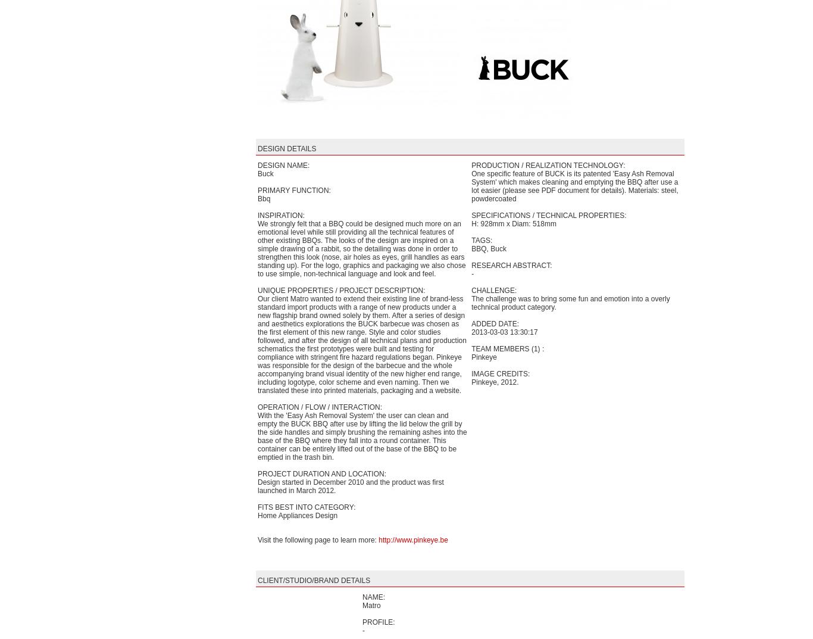 Image resolution: width=813 pixels, height=639 pixels. What do you see at coordinates (378, 622) in the screenshot?
I see `'PROFILE:'` at bounding box center [378, 622].